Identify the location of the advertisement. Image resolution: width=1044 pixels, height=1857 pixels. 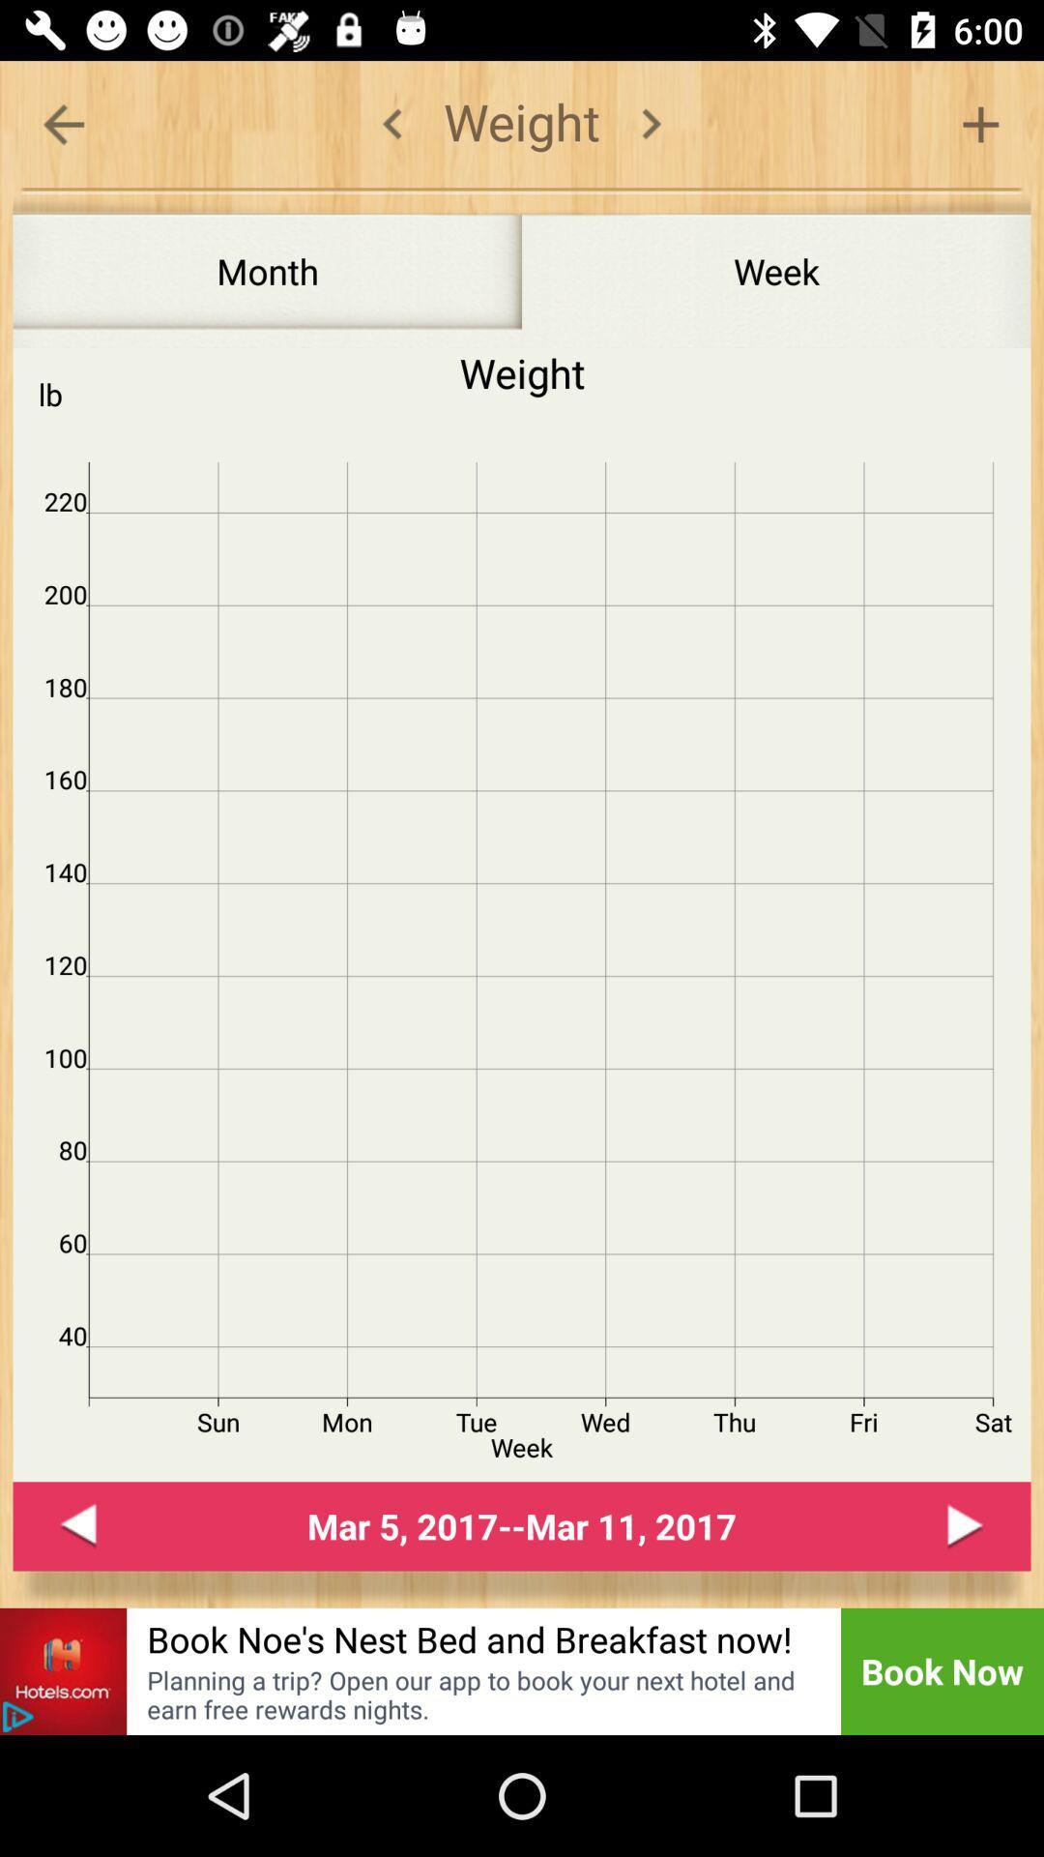
(17, 1717).